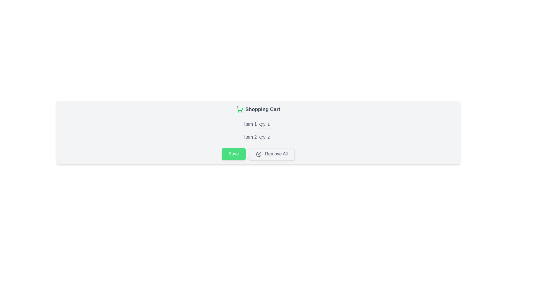 This screenshot has width=539, height=303. Describe the element at coordinates (240, 109) in the screenshot. I see `the shopping cart icon located at the top-left of the 'Shopping Cart' section, which is aligned to the left of the text 'Shopping Cart'` at that location.